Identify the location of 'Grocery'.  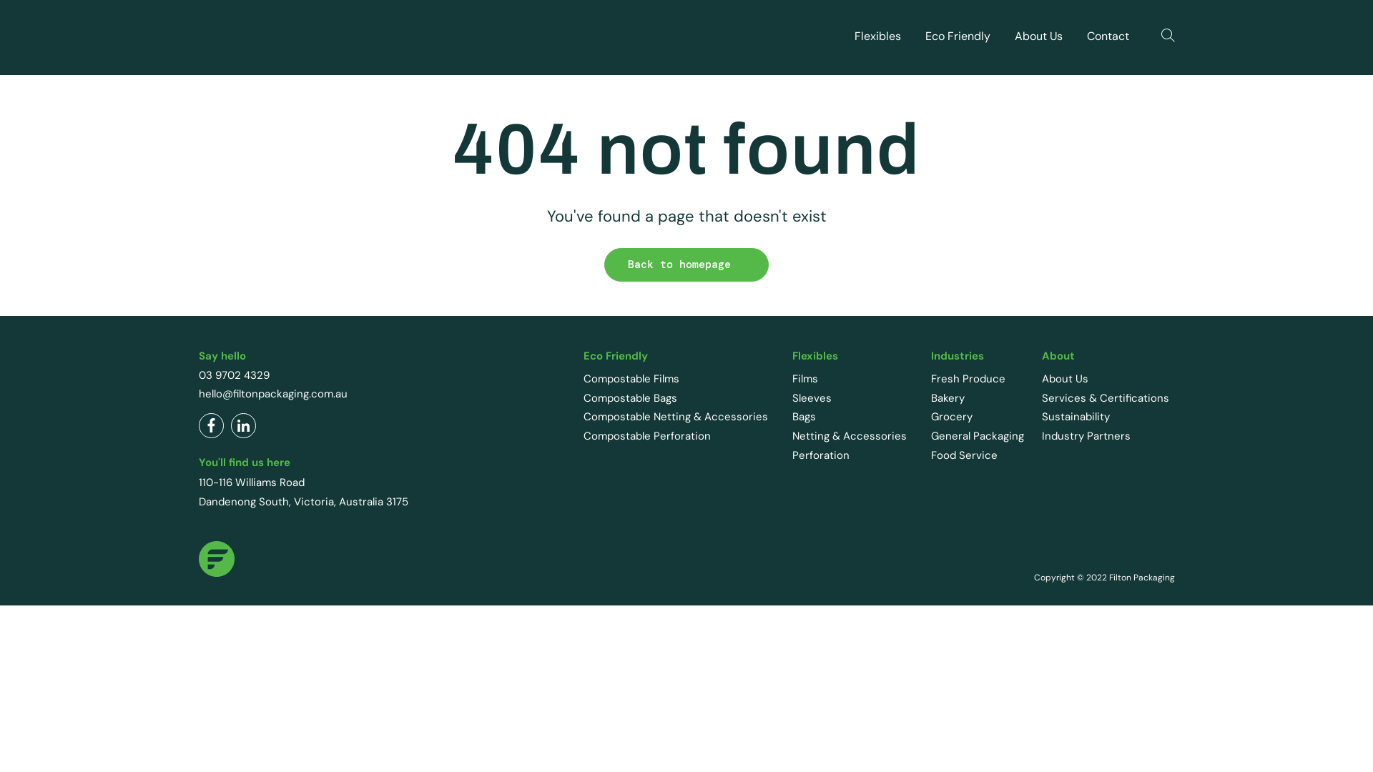
(951, 416).